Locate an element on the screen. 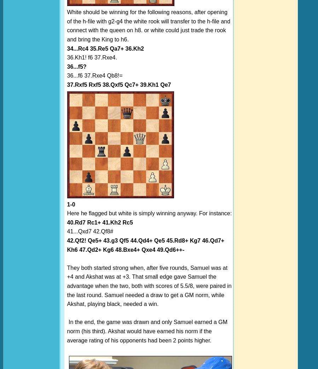  '1-0' is located at coordinates (71, 204).